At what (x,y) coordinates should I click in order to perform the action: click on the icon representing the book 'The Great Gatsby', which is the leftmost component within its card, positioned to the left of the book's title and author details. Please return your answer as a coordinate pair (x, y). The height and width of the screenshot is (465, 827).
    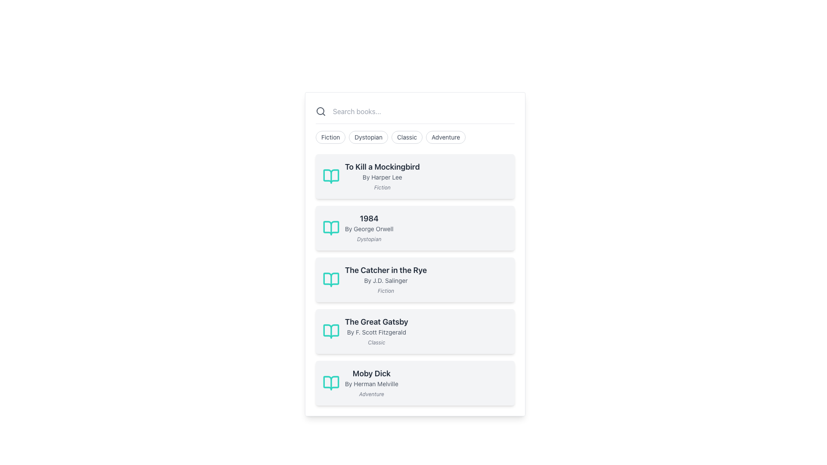
    Looking at the image, I should click on (330, 331).